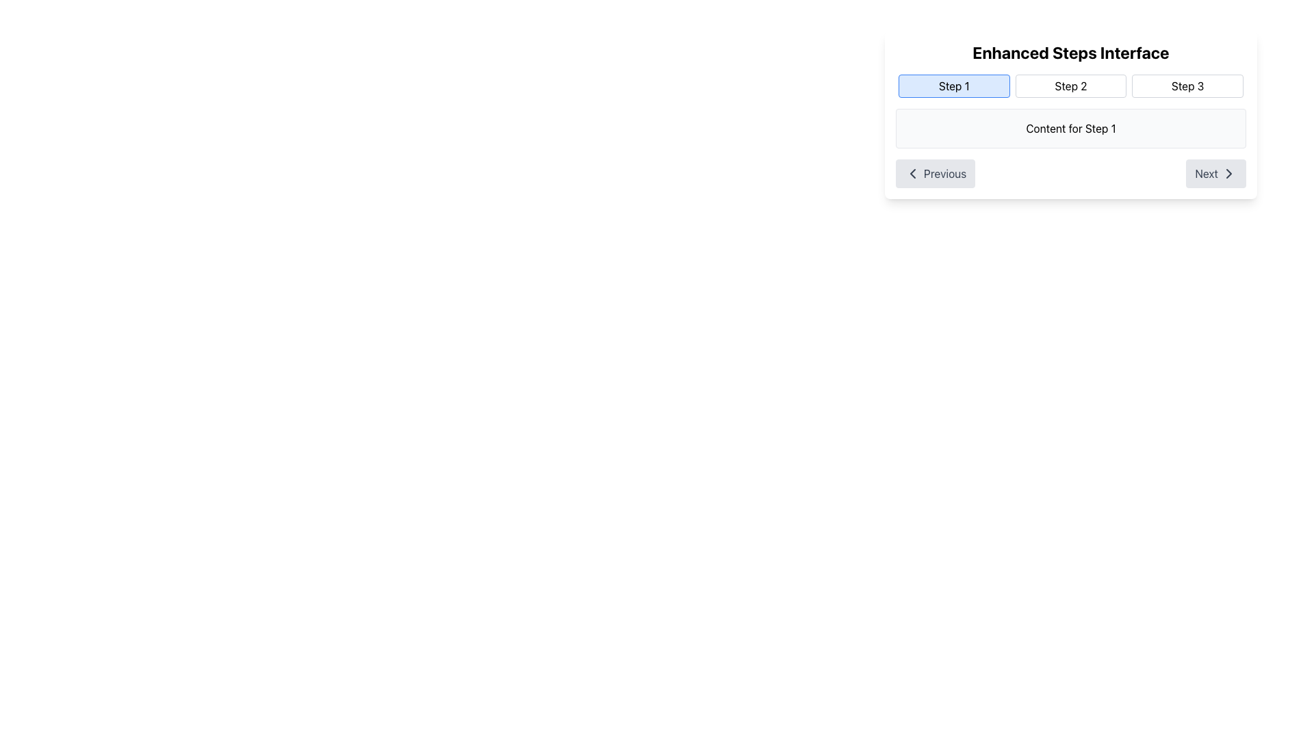 Image resolution: width=1314 pixels, height=739 pixels. I want to click on the button labeled 'Step 1', so click(953, 86).